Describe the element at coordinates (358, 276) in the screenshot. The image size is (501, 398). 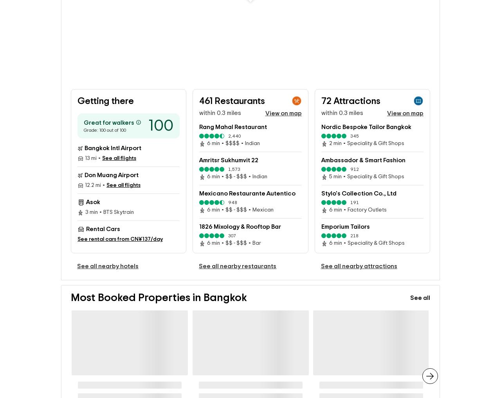
I see `'See all nearby attractions'` at that location.